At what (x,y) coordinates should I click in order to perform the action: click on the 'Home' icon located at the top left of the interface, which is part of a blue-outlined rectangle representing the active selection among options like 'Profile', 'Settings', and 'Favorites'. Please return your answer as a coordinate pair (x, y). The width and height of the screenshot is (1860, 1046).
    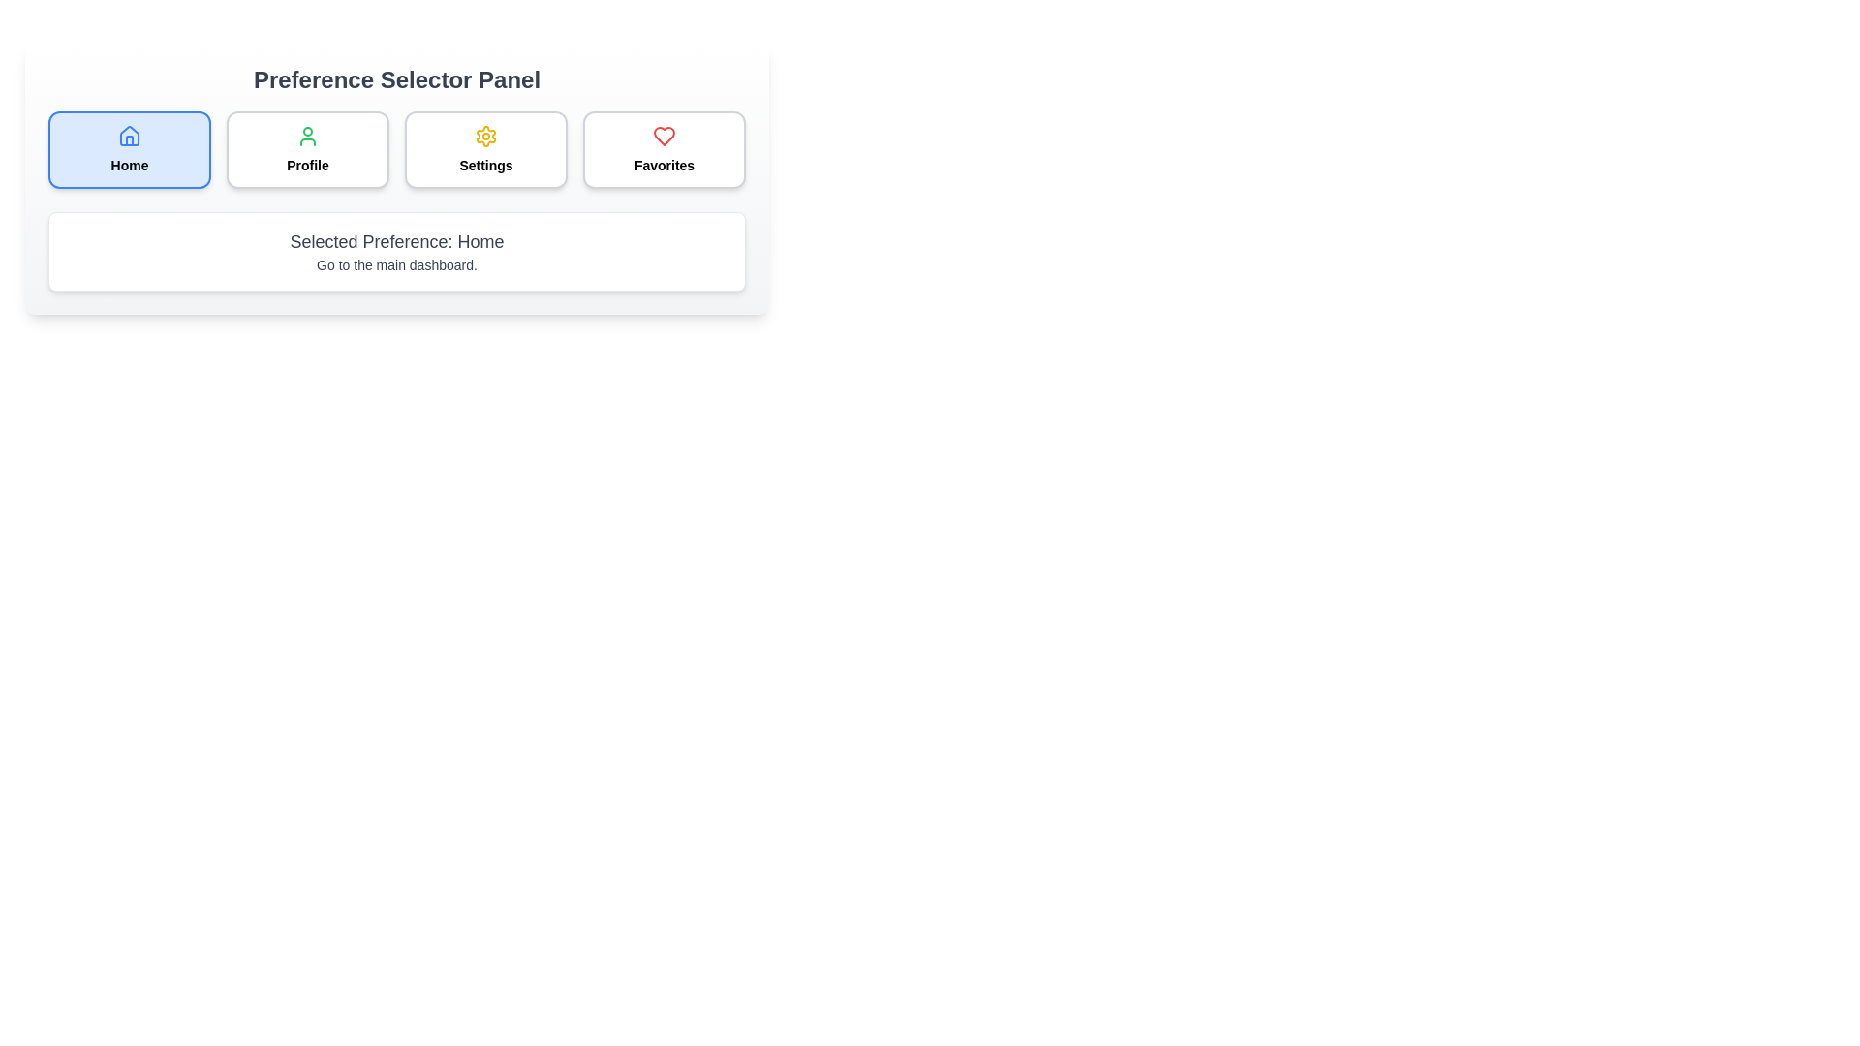
    Looking at the image, I should click on (129, 134).